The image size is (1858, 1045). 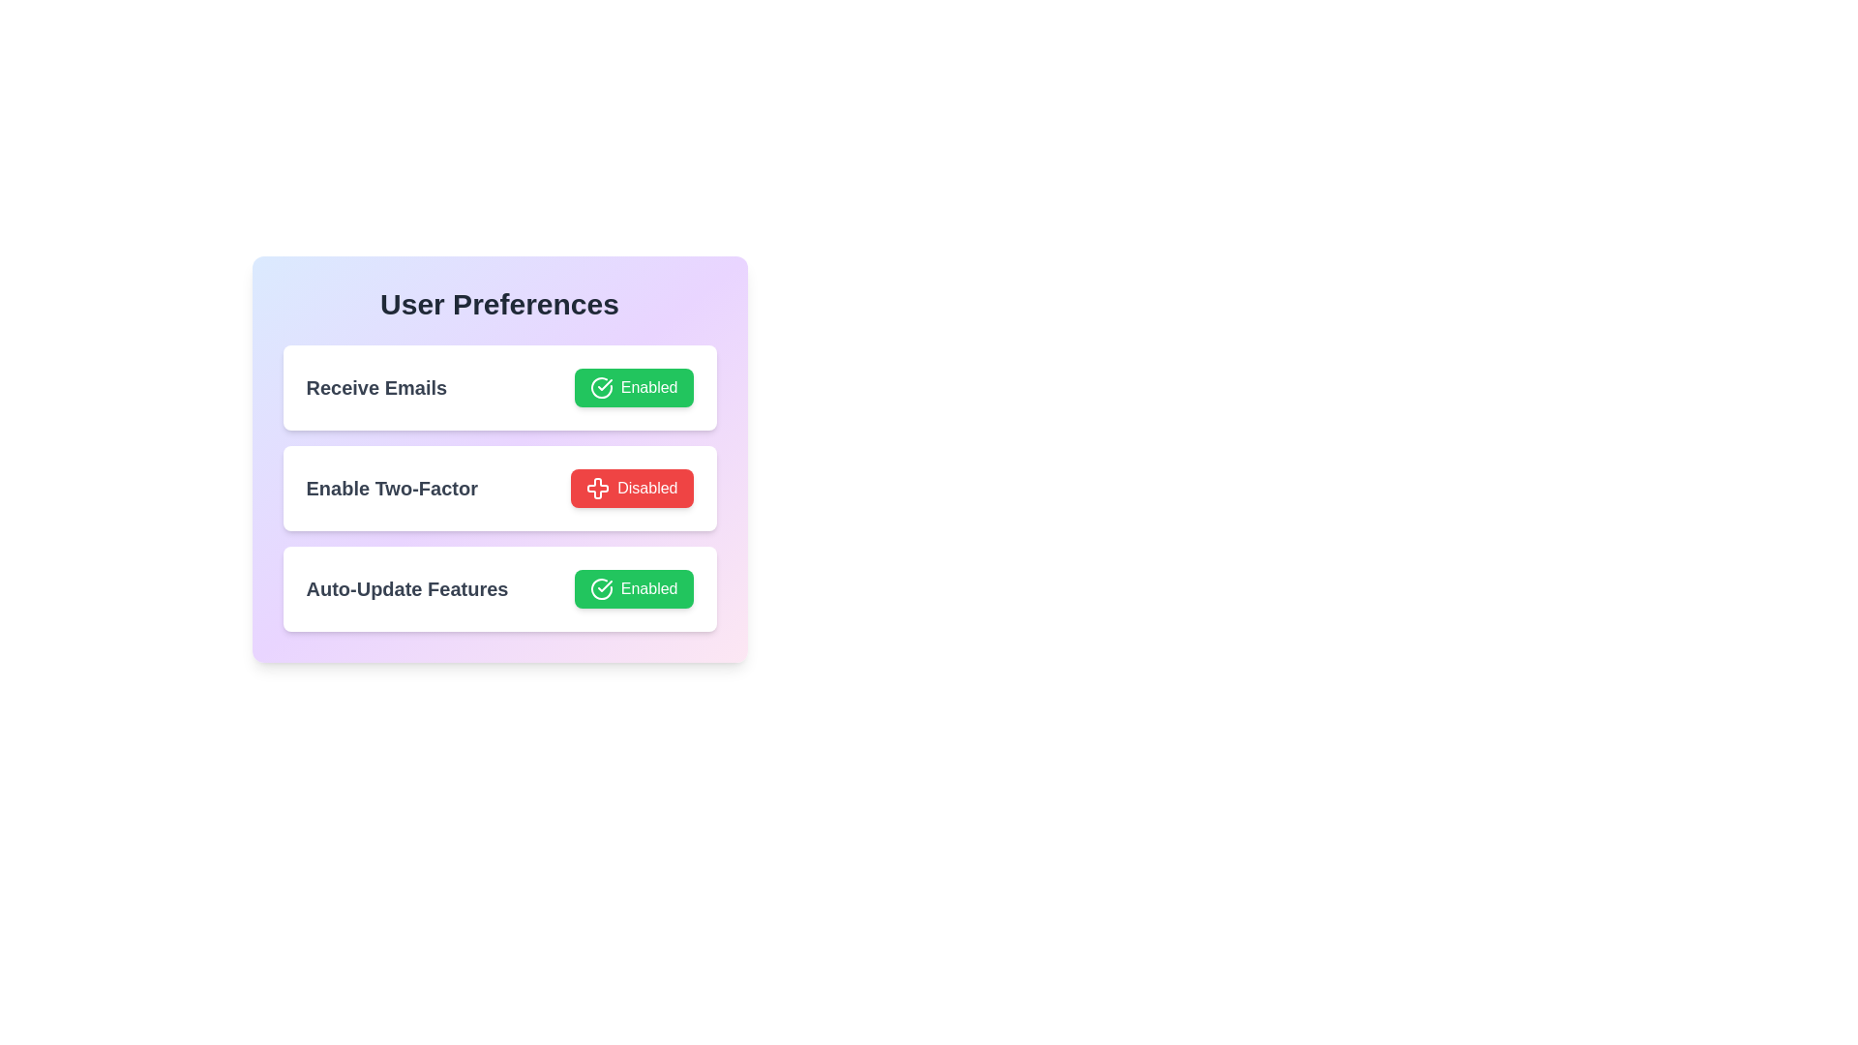 I want to click on the preference item Receive Emails to observe its hover effect, so click(x=499, y=388).